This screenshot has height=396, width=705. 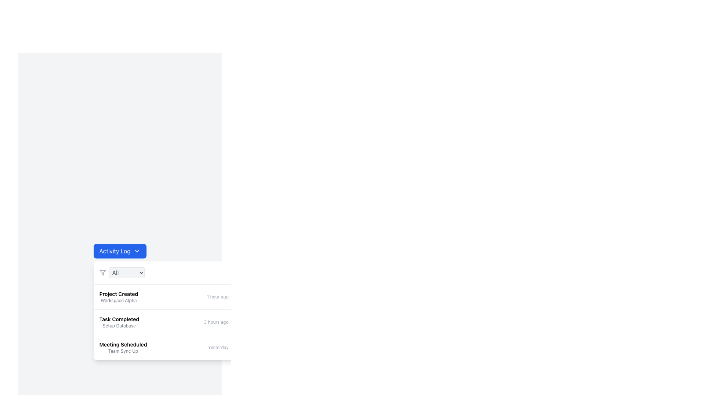 What do you see at coordinates (102, 273) in the screenshot?
I see `the minimalistic triangular-shaped graphical icon resembling a funnel located in the top-left corner of the dropdown menu adjacent to the 'All' dropdown button` at bounding box center [102, 273].